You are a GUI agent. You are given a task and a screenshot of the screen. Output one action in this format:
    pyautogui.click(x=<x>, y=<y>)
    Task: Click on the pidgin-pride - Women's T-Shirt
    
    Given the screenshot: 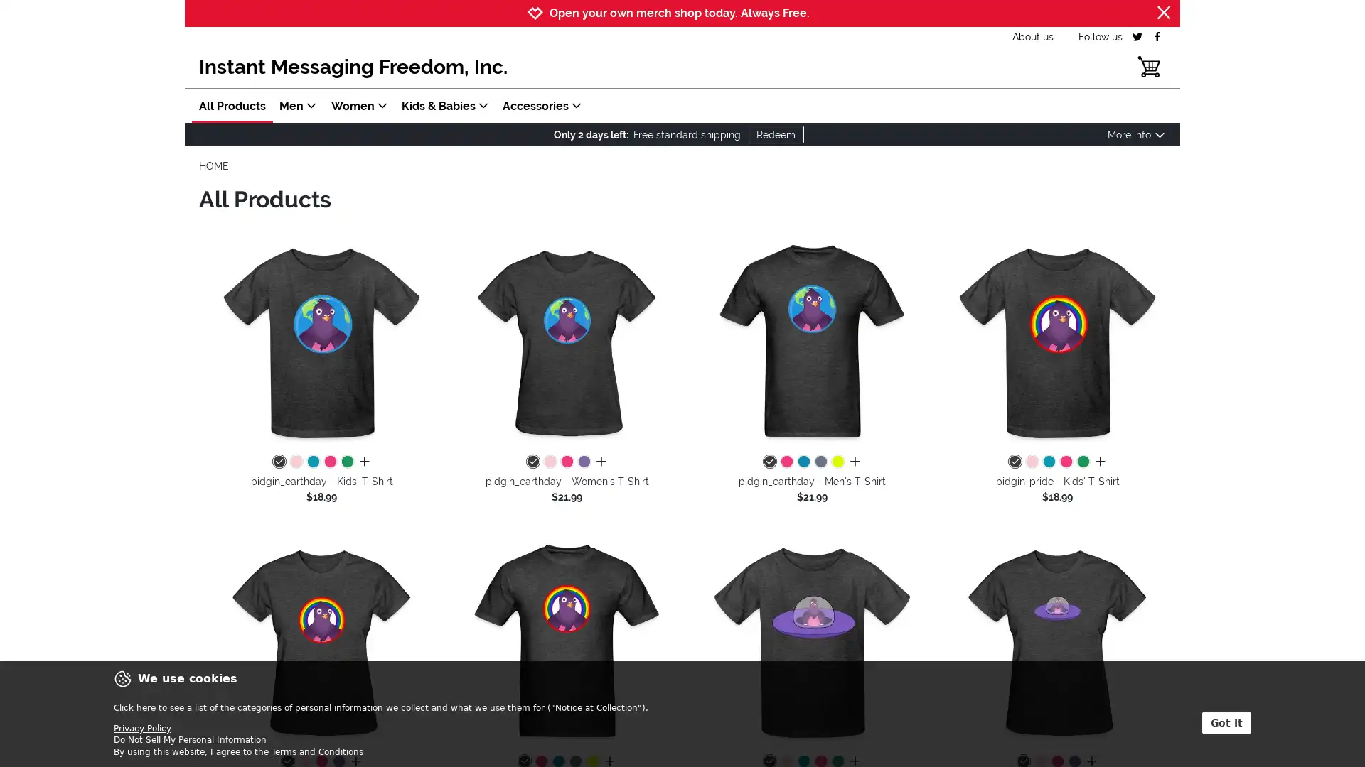 What is the action you would take?
    pyautogui.click(x=321, y=642)
    